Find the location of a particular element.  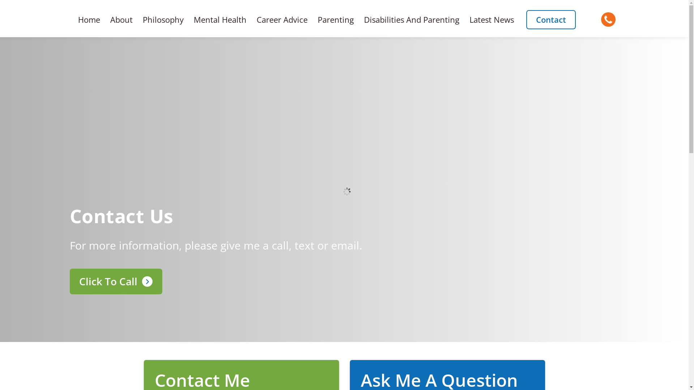

'Click To Call' is located at coordinates (69, 281).